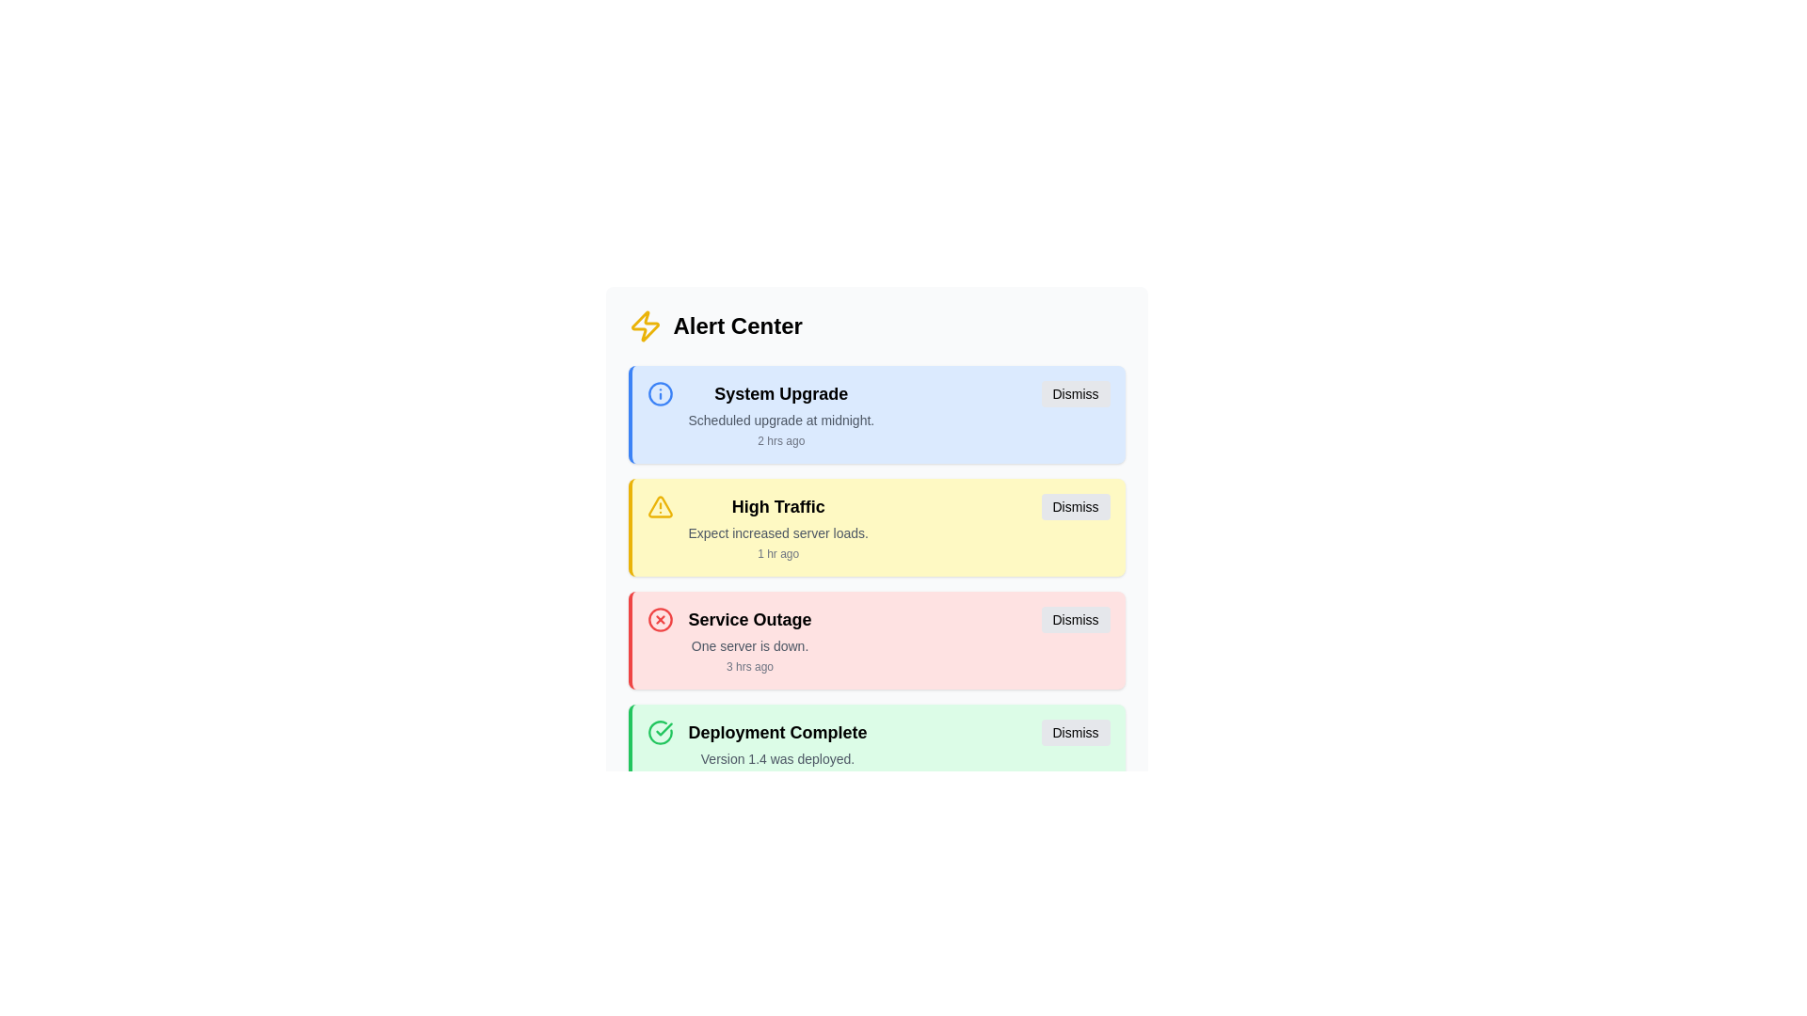 Image resolution: width=1807 pixels, height=1016 pixels. Describe the element at coordinates (748, 640) in the screenshot. I see `text content of the third entry in the Alert Center list, which is a Text block notifying the user about the status of a service outage` at that location.